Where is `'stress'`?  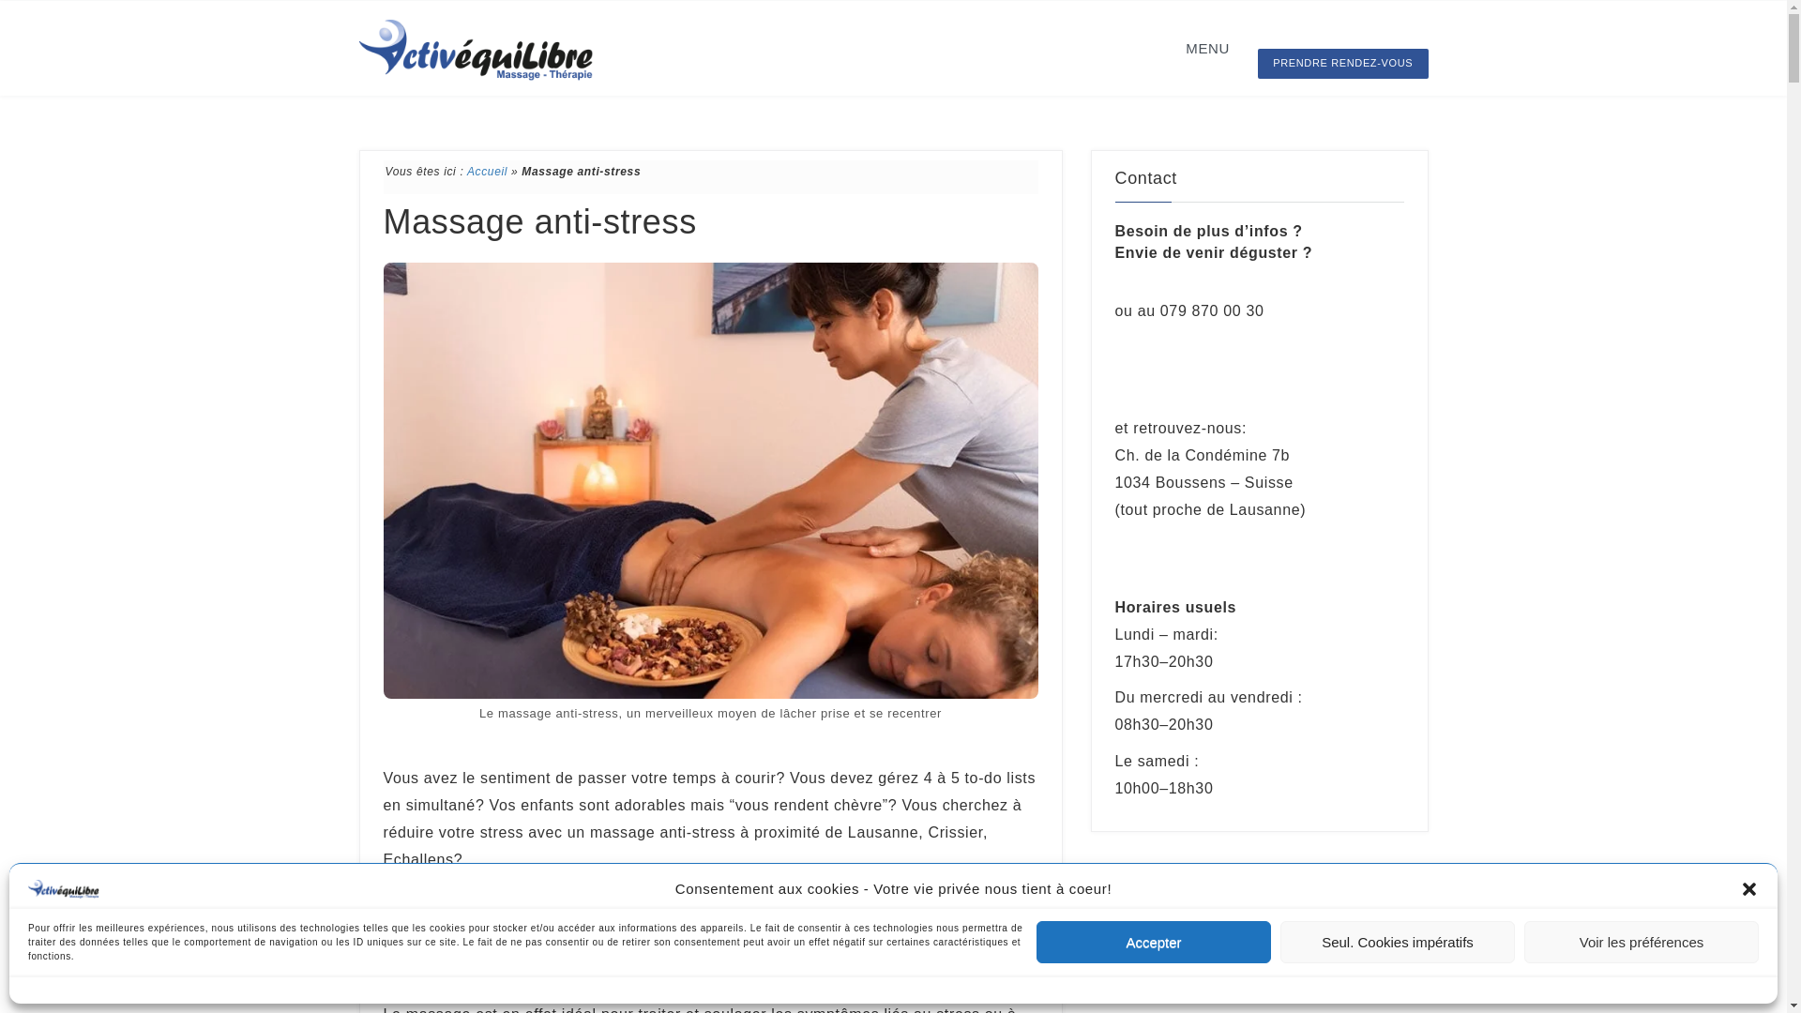
'stress' is located at coordinates (761, 908).